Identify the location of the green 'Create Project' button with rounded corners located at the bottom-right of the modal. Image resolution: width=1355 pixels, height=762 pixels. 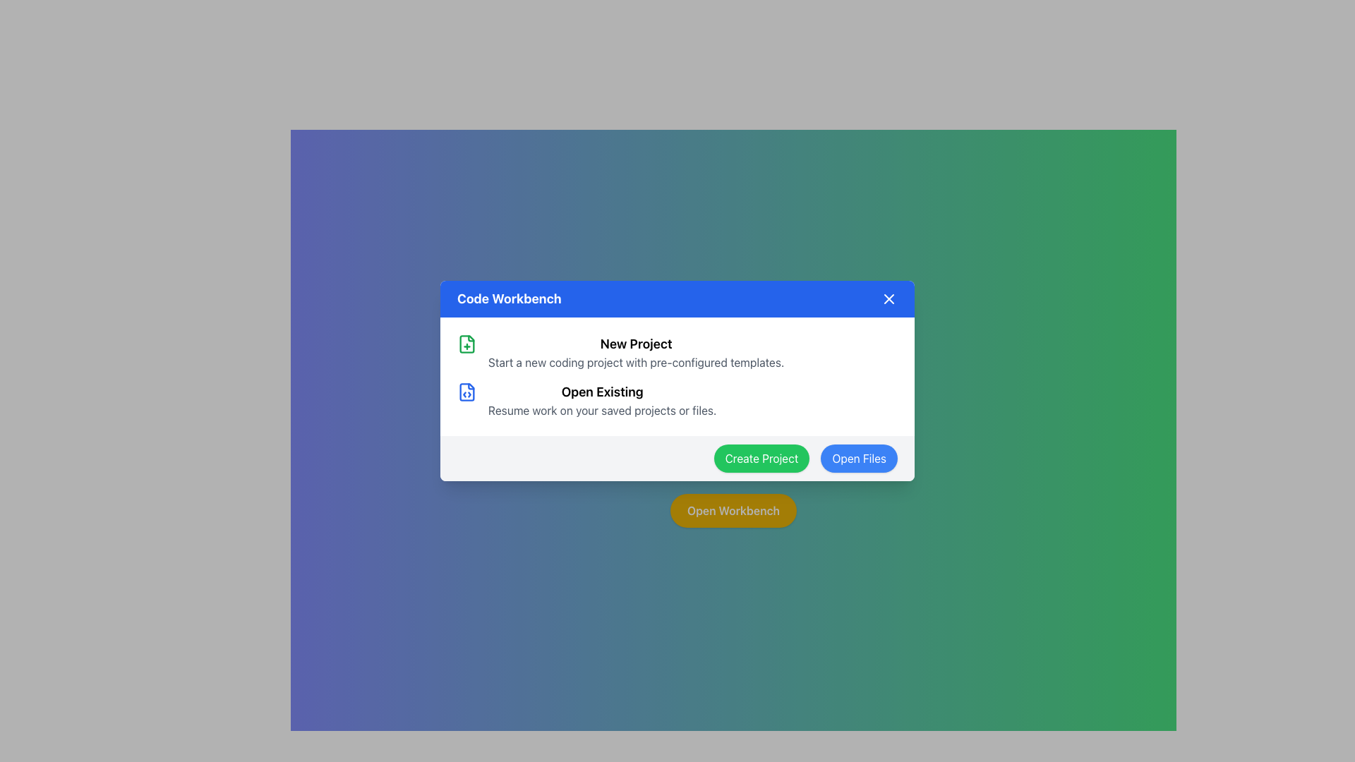
(761, 459).